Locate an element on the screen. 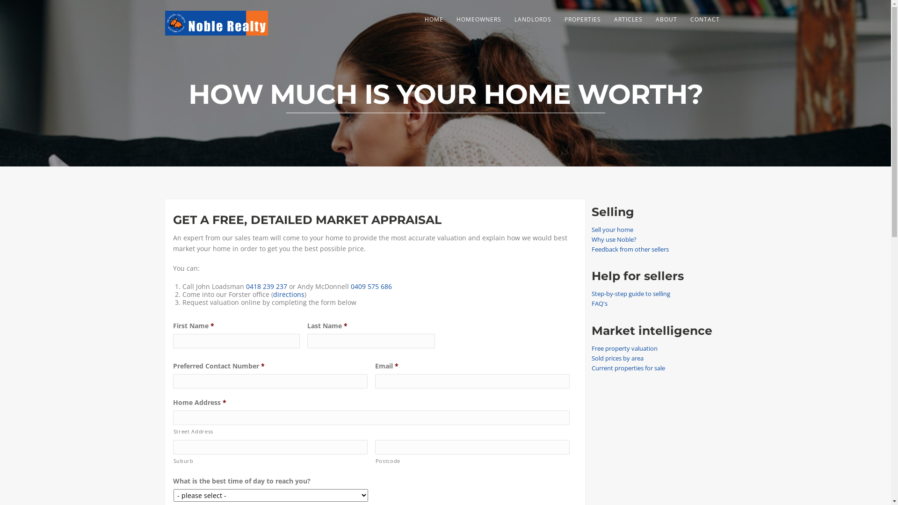 The width and height of the screenshot is (898, 505). 'FAQ's' is located at coordinates (599, 303).